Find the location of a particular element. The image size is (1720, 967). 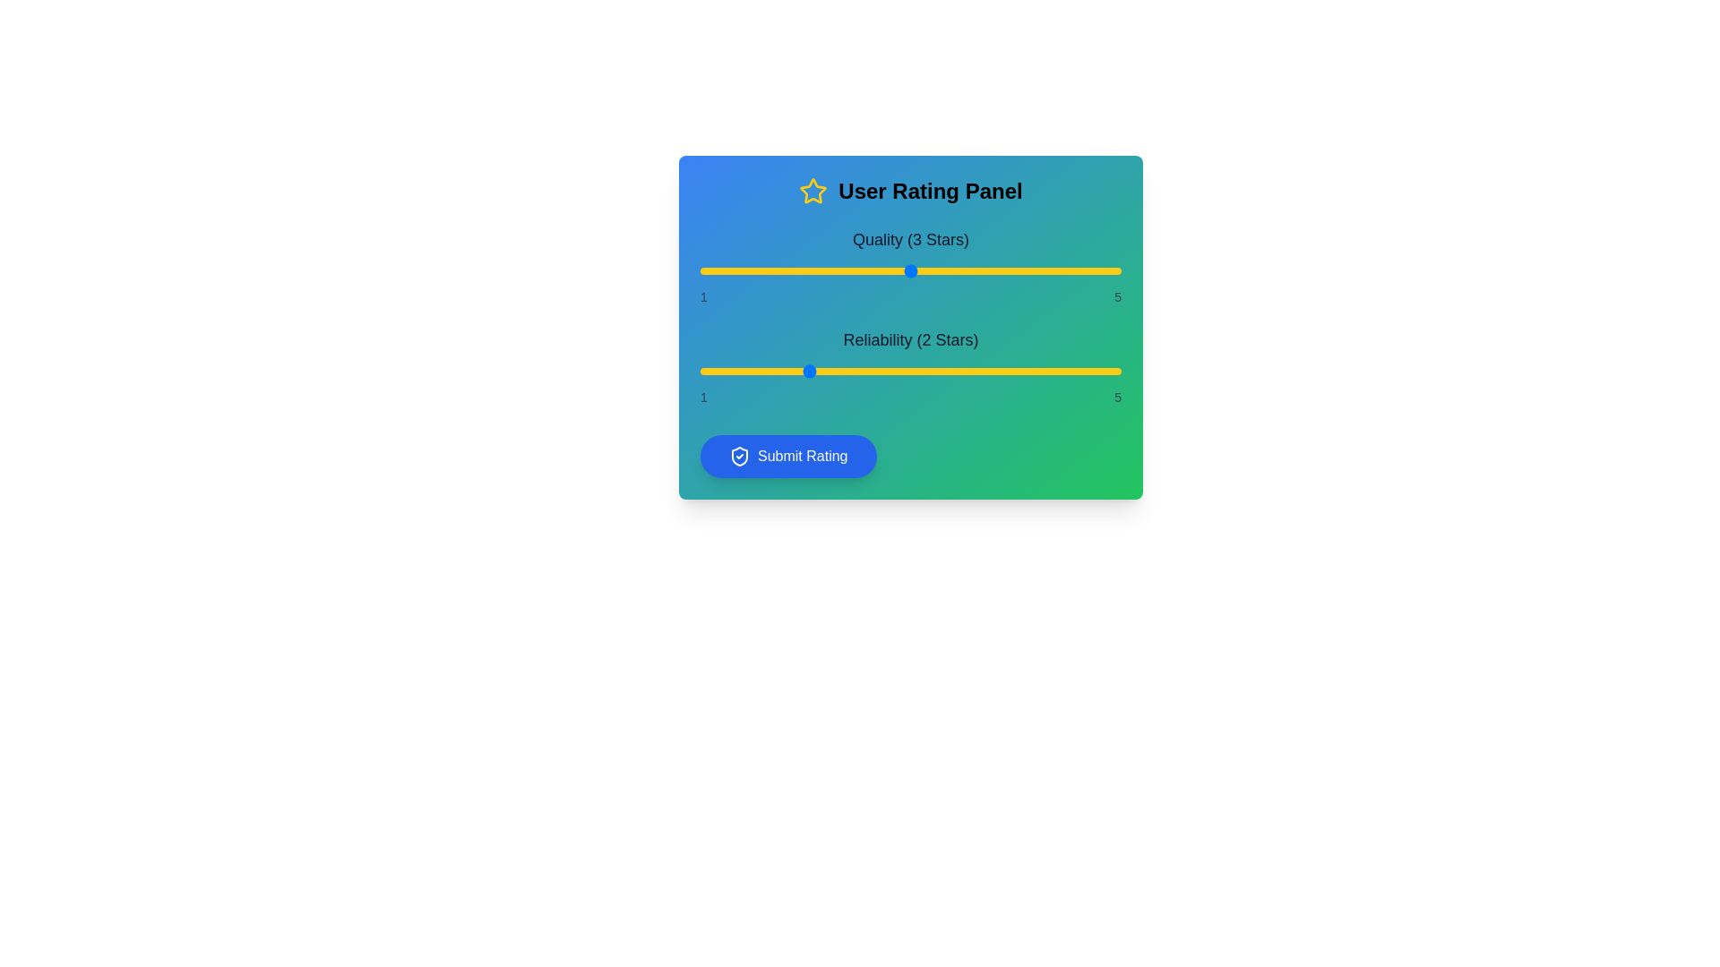

the 'Reliability' slider to 3 stars is located at coordinates (911, 371).